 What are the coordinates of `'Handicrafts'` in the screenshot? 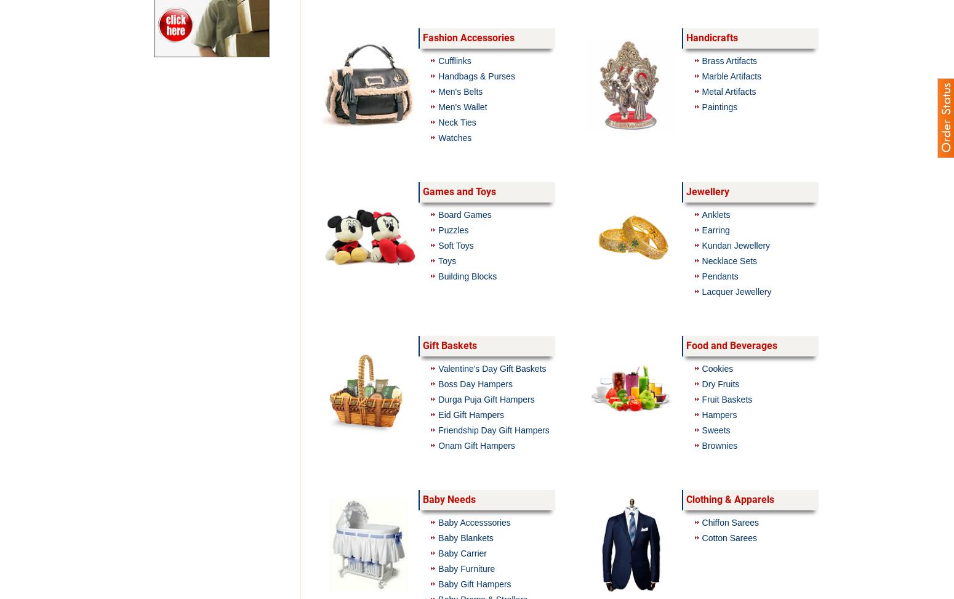 It's located at (710, 37).